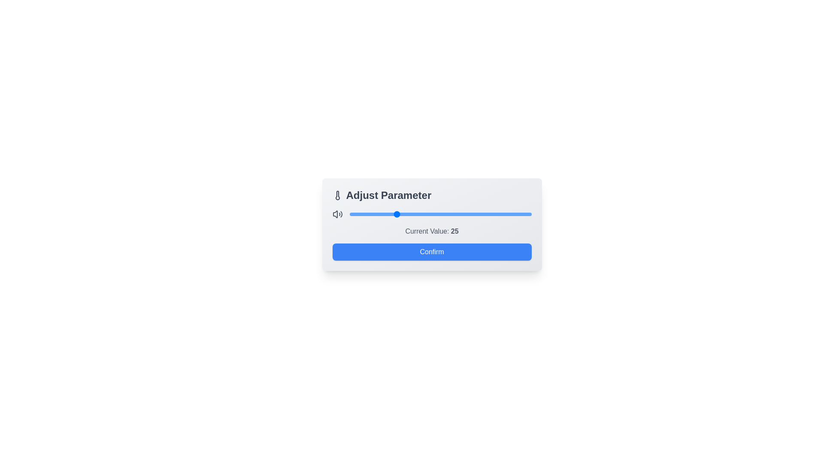 The height and width of the screenshot is (463, 824). Describe the element at coordinates (337, 195) in the screenshot. I see `the Decorative Icon positioned to the left of the header text 'Adjust Parameter', which visually indicates temperature or adjustment parameters` at that location.